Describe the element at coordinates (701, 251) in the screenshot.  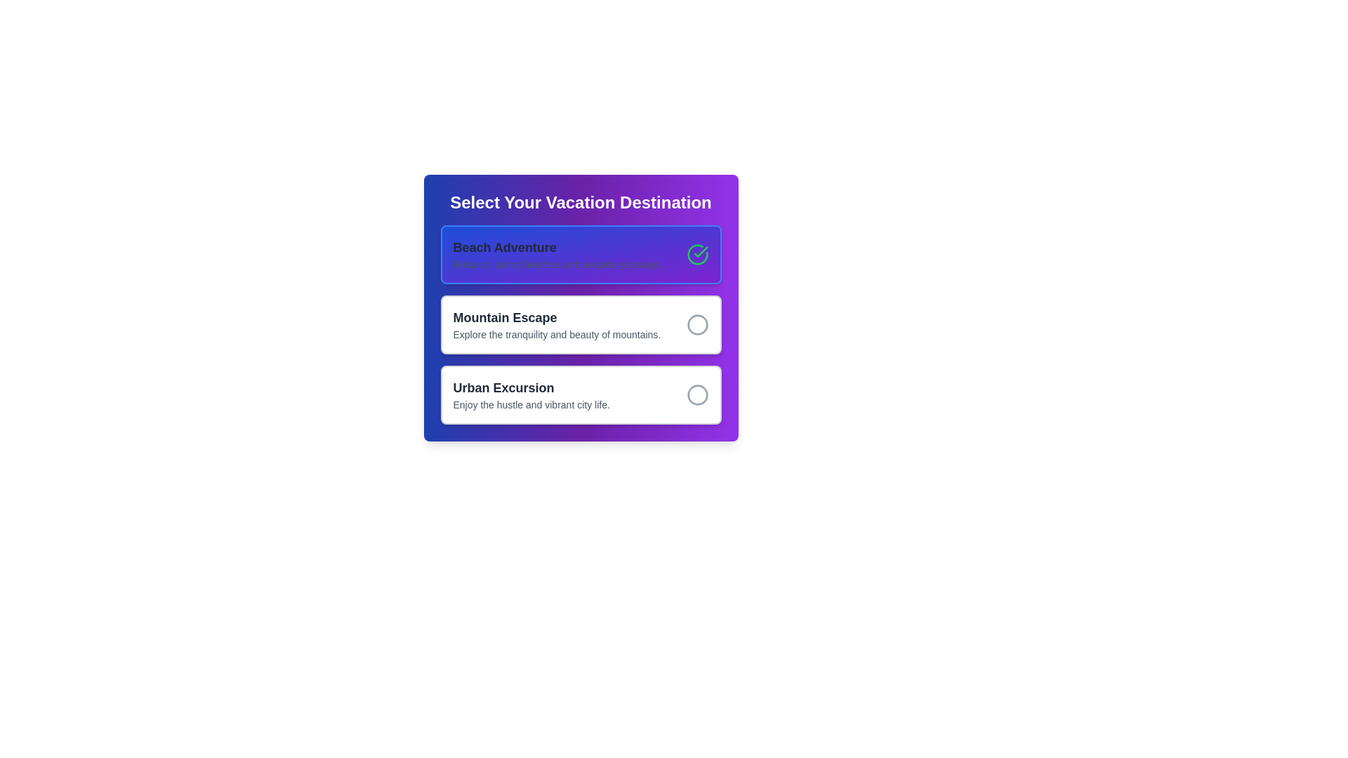
I see `the green checkmark icon located in the top-right corner of the selectable card titled 'Beach Adventure'` at that location.